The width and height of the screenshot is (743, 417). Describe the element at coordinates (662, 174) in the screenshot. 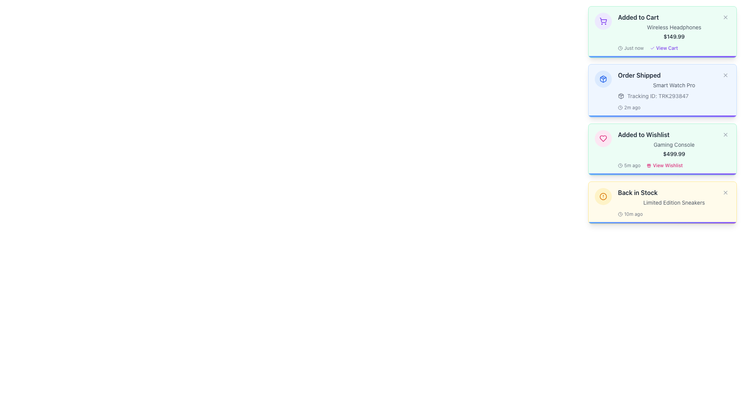

I see `the Decorative Bar located at the bottom of the 'Added to Wishlist' section, which serves as a visual aid for progress or status` at that location.